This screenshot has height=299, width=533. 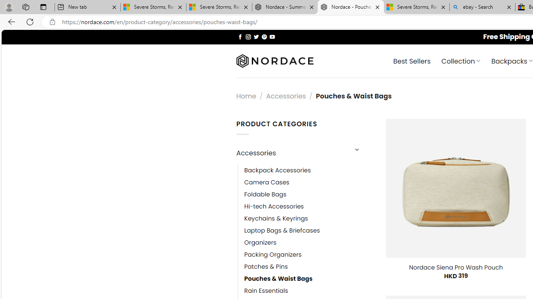 I want to click on 'Follow on YouTube', so click(x=272, y=36).